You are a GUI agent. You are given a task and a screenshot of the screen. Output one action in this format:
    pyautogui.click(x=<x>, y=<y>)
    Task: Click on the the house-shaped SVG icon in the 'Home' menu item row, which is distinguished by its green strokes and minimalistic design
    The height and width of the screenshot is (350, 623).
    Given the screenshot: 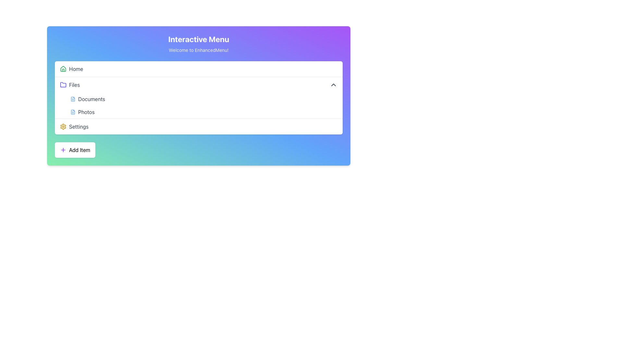 What is the action you would take?
    pyautogui.click(x=63, y=69)
    